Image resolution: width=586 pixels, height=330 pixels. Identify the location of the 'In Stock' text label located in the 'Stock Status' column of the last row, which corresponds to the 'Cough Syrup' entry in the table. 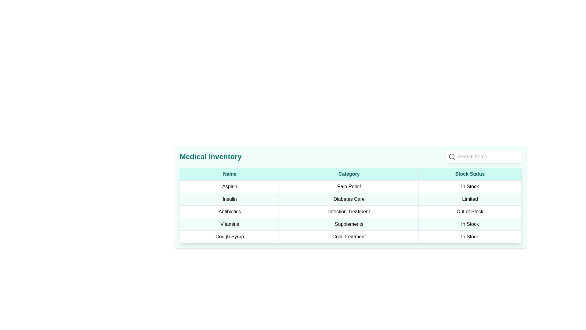
(470, 237).